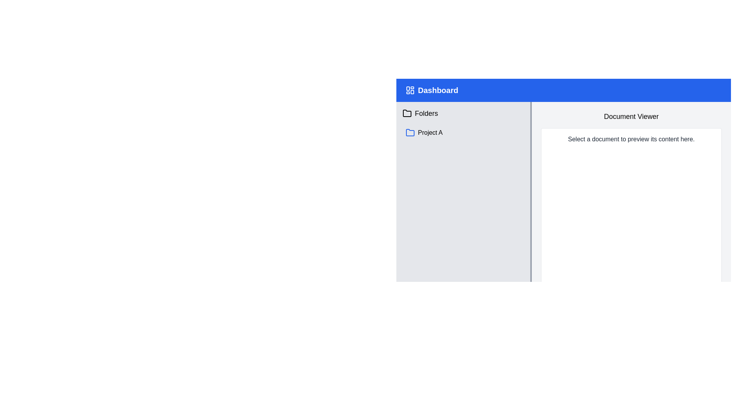 This screenshot has width=741, height=417. What do you see at coordinates (407, 113) in the screenshot?
I see `the folder icon represented by a geometric vector design with a rounded rectangular shape and a tab at the top left, located to the left of the 'Folders' label` at bounding box center [407, 113].